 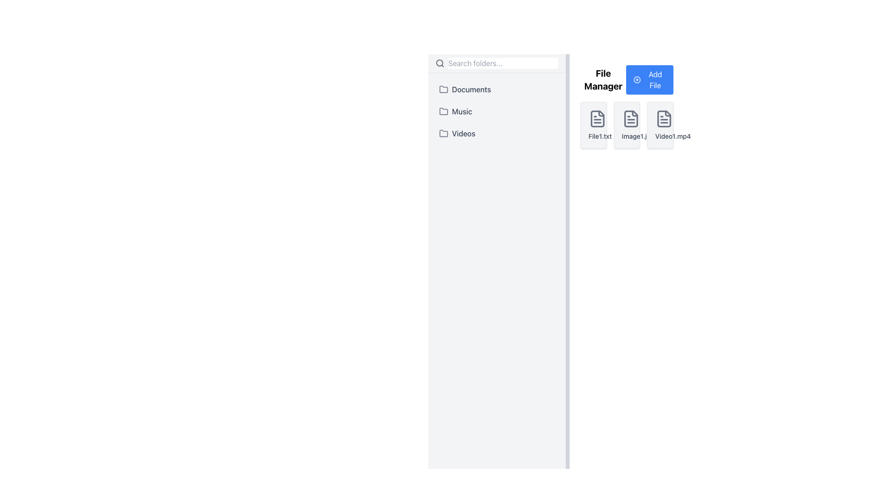 What do you see at coordinates (630, 118) in the screenshot?
I see `the SVG icon representing the file named 'Image1.jpg'` at bounding box center [630, 118].